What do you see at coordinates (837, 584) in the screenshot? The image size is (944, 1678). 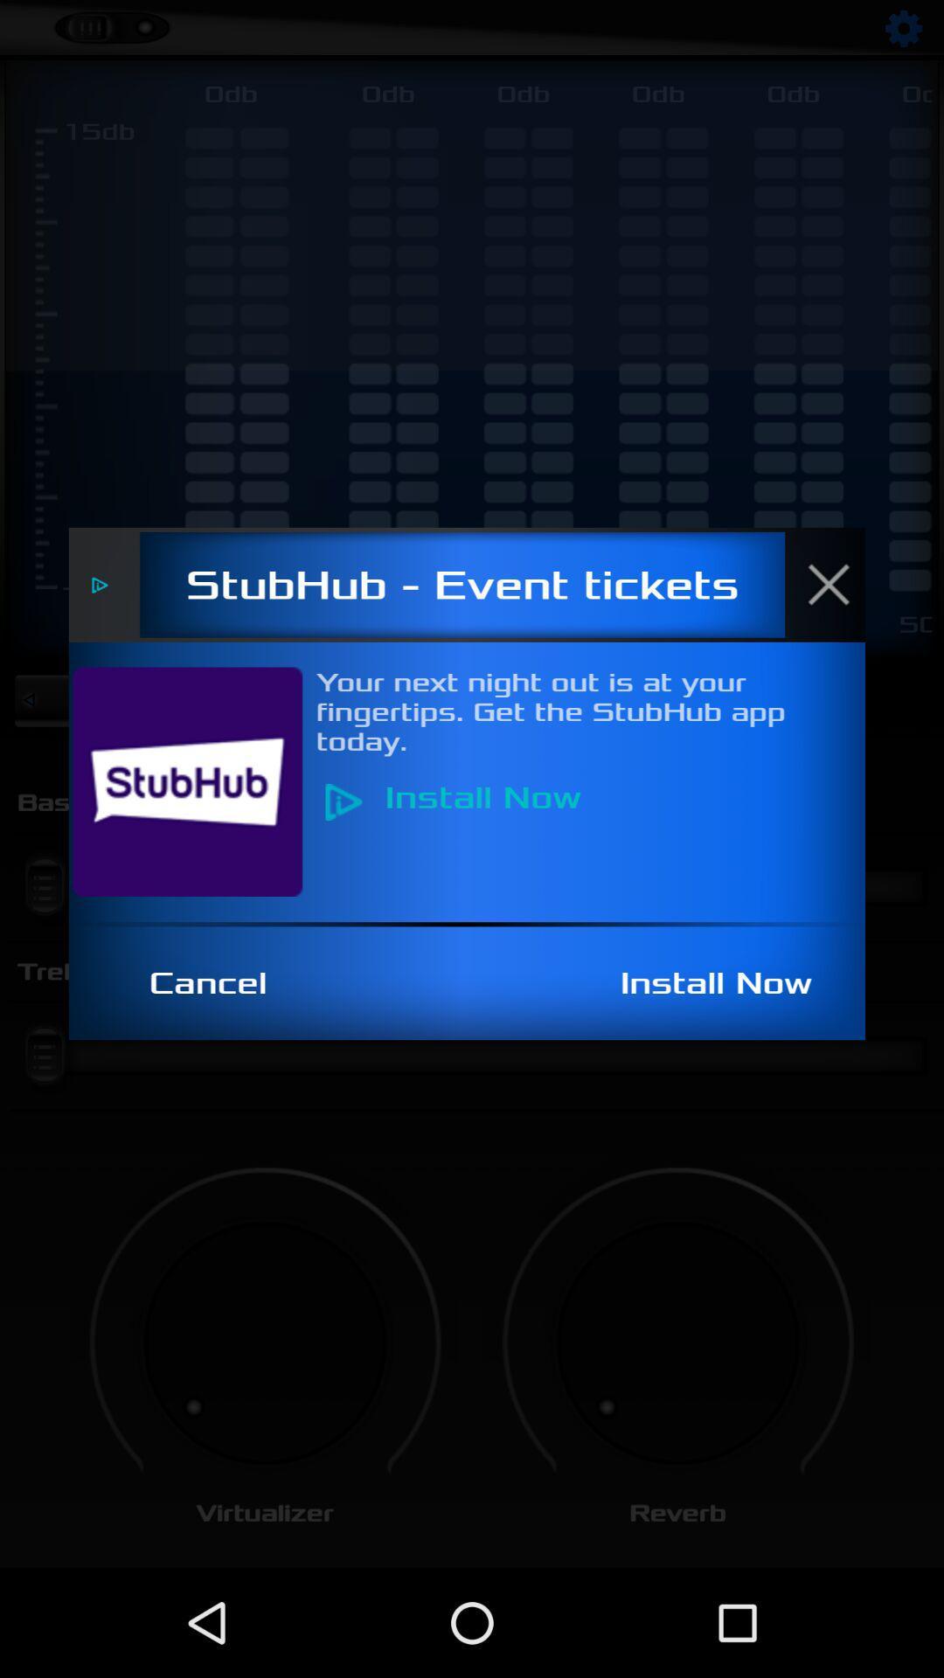 I see `item above the your next night item` at bounding box center [837, 584].